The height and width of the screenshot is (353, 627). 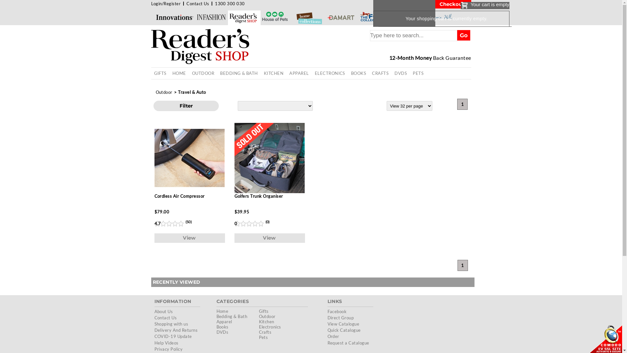 I want to click on 'Golfers Trunk Organiser', so click(x=269, y=164).